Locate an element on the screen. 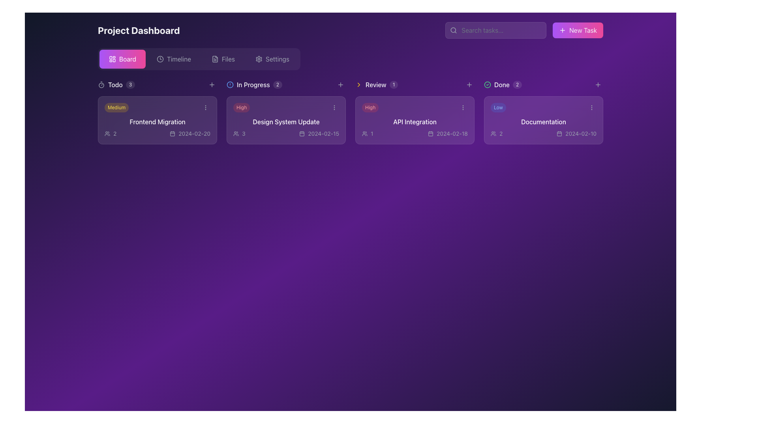  the rectangular button labeled 'New Task' with a plus sign icon, located at the top-right corner of the interface is located at coordinates (578, 30).